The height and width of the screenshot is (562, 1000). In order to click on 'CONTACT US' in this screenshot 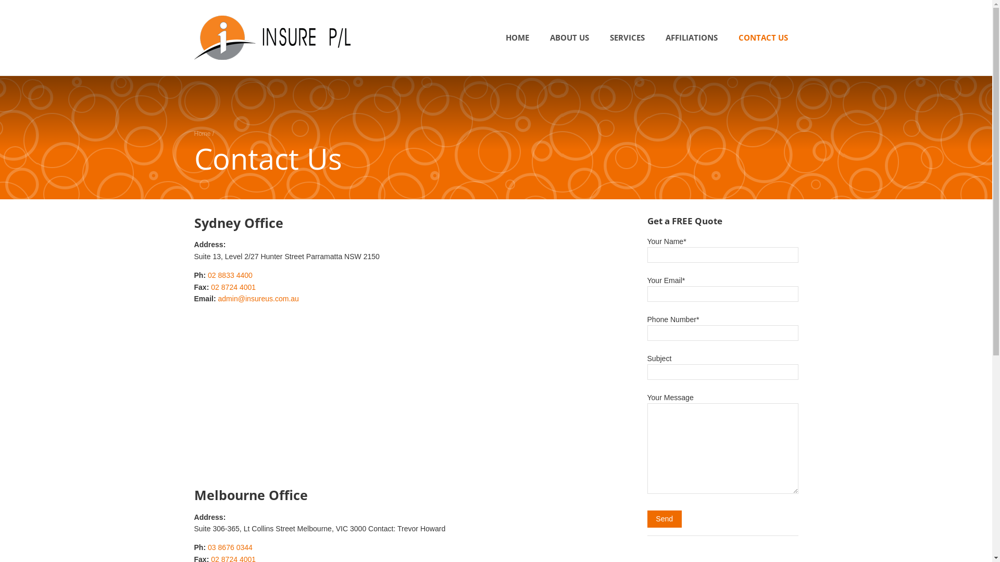, I will do `click(763, 37)`.